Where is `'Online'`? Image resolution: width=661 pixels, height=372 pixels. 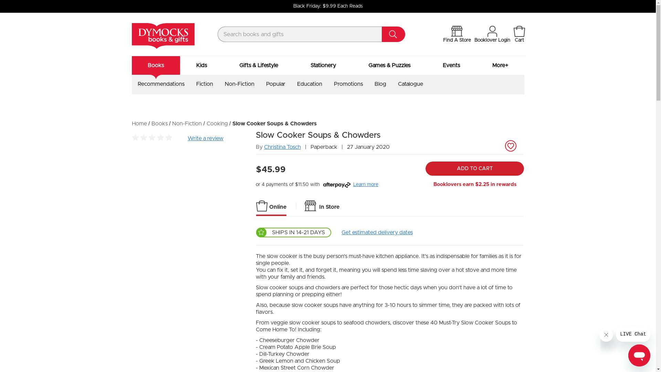 'Online' is located at coordinates (271, 206).